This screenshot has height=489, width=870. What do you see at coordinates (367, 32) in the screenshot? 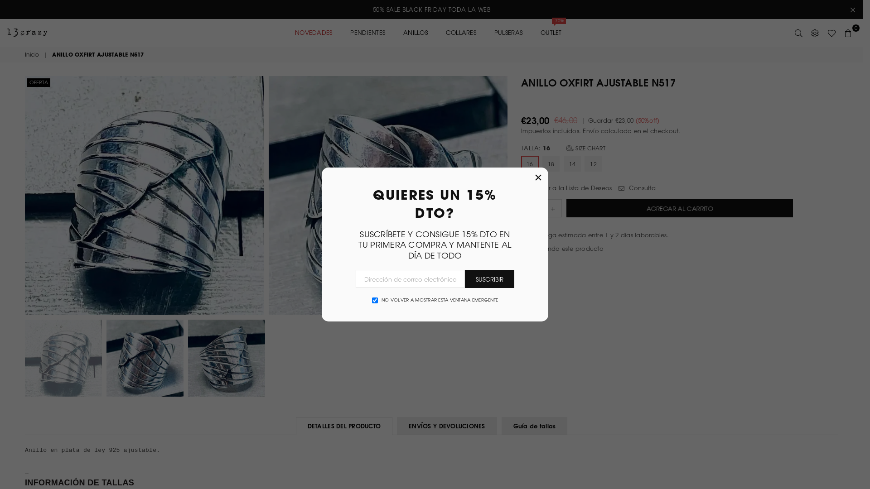
I see `'PENDIENTES'` at bounding box center [367, 32].